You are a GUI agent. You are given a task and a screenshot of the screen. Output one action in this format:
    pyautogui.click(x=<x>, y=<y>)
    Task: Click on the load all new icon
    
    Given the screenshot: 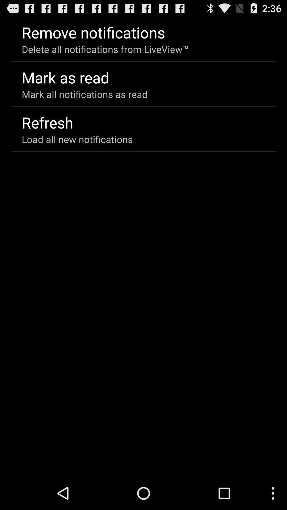 What is the action you would take?
    pyautogui.click(x=77, y=139)
    